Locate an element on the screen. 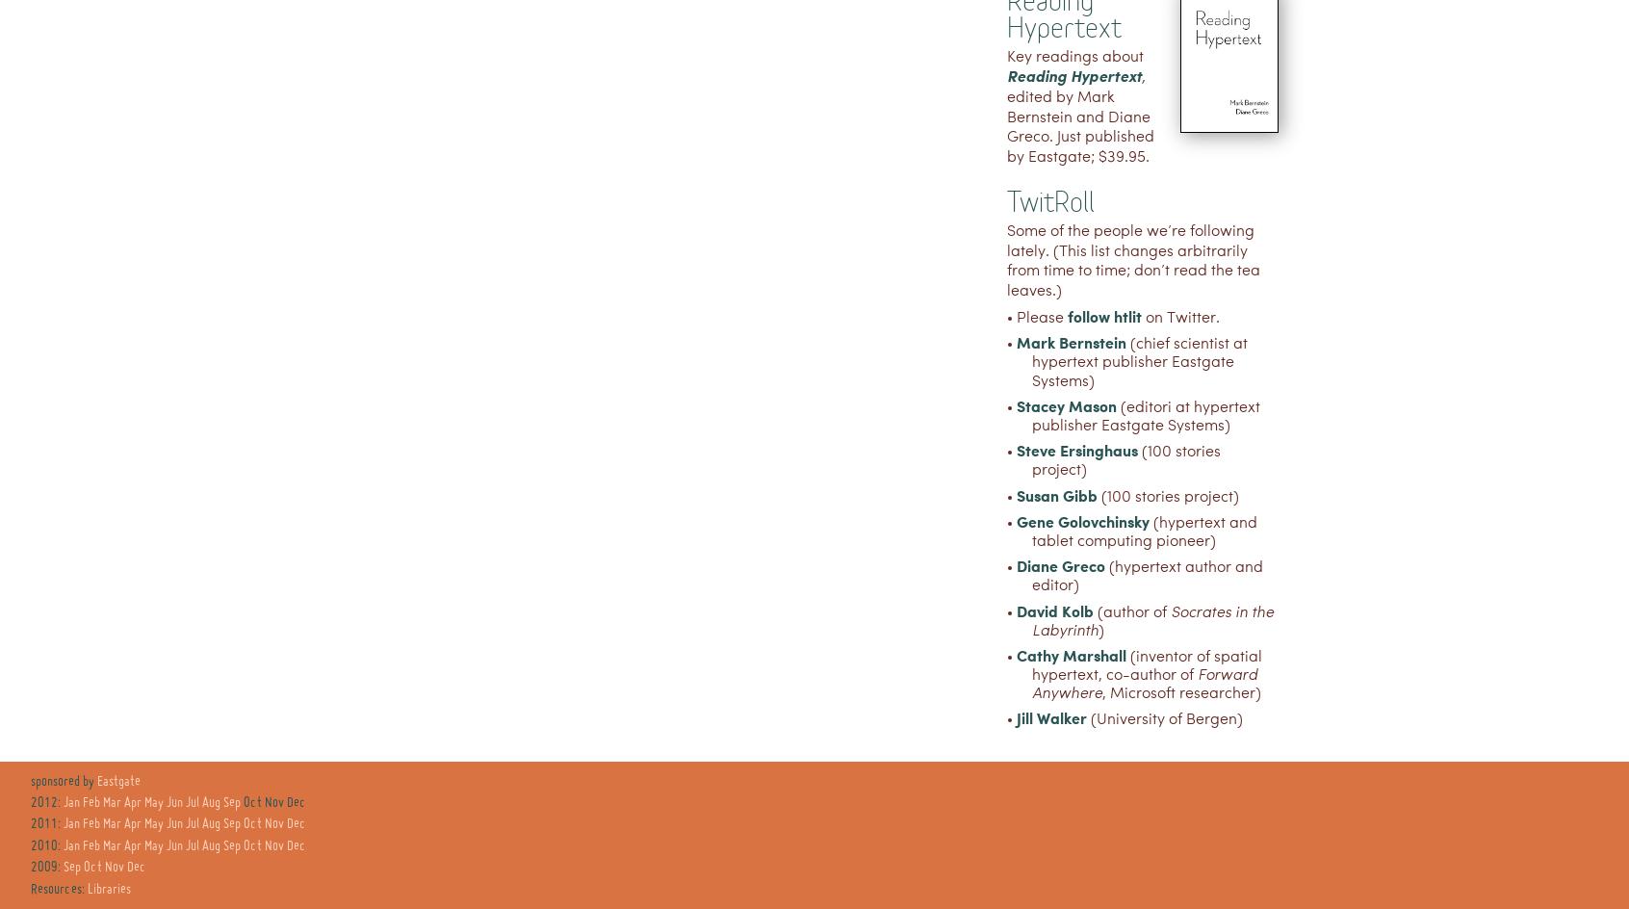  '2011:' is located at coordinates (46, 824).